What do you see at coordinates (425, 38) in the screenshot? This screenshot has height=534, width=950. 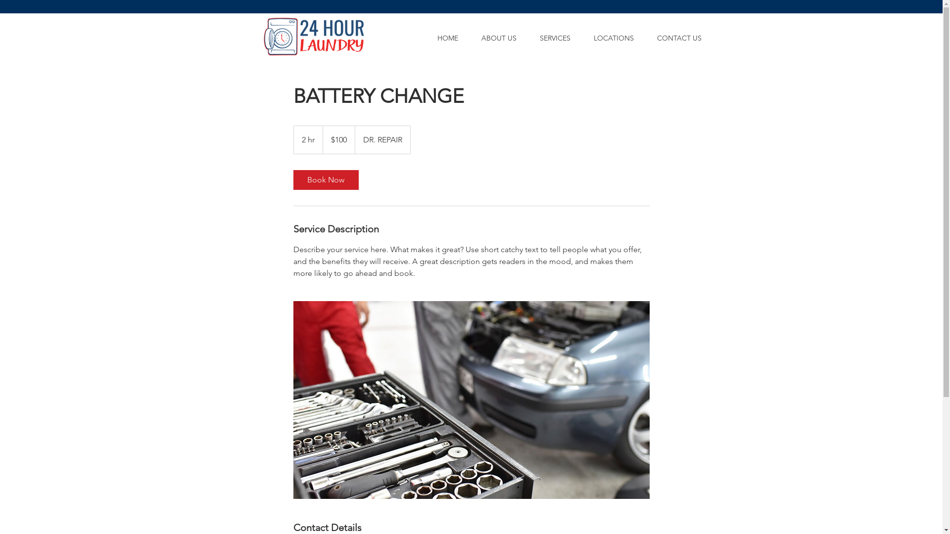 I see `'HOME'` at bounding box center [425, 38].